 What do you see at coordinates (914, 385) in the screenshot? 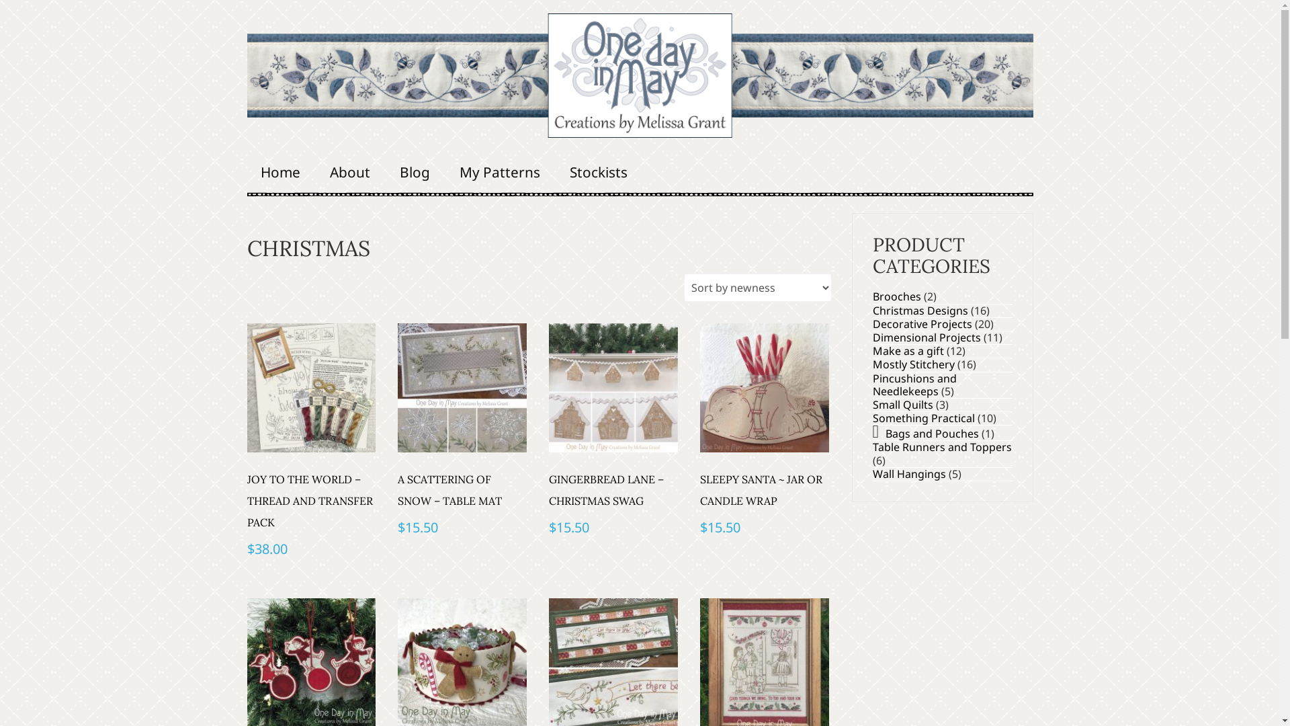
I see `'Pincushions and Needlekeeps'` at bounding box center [914, 385].